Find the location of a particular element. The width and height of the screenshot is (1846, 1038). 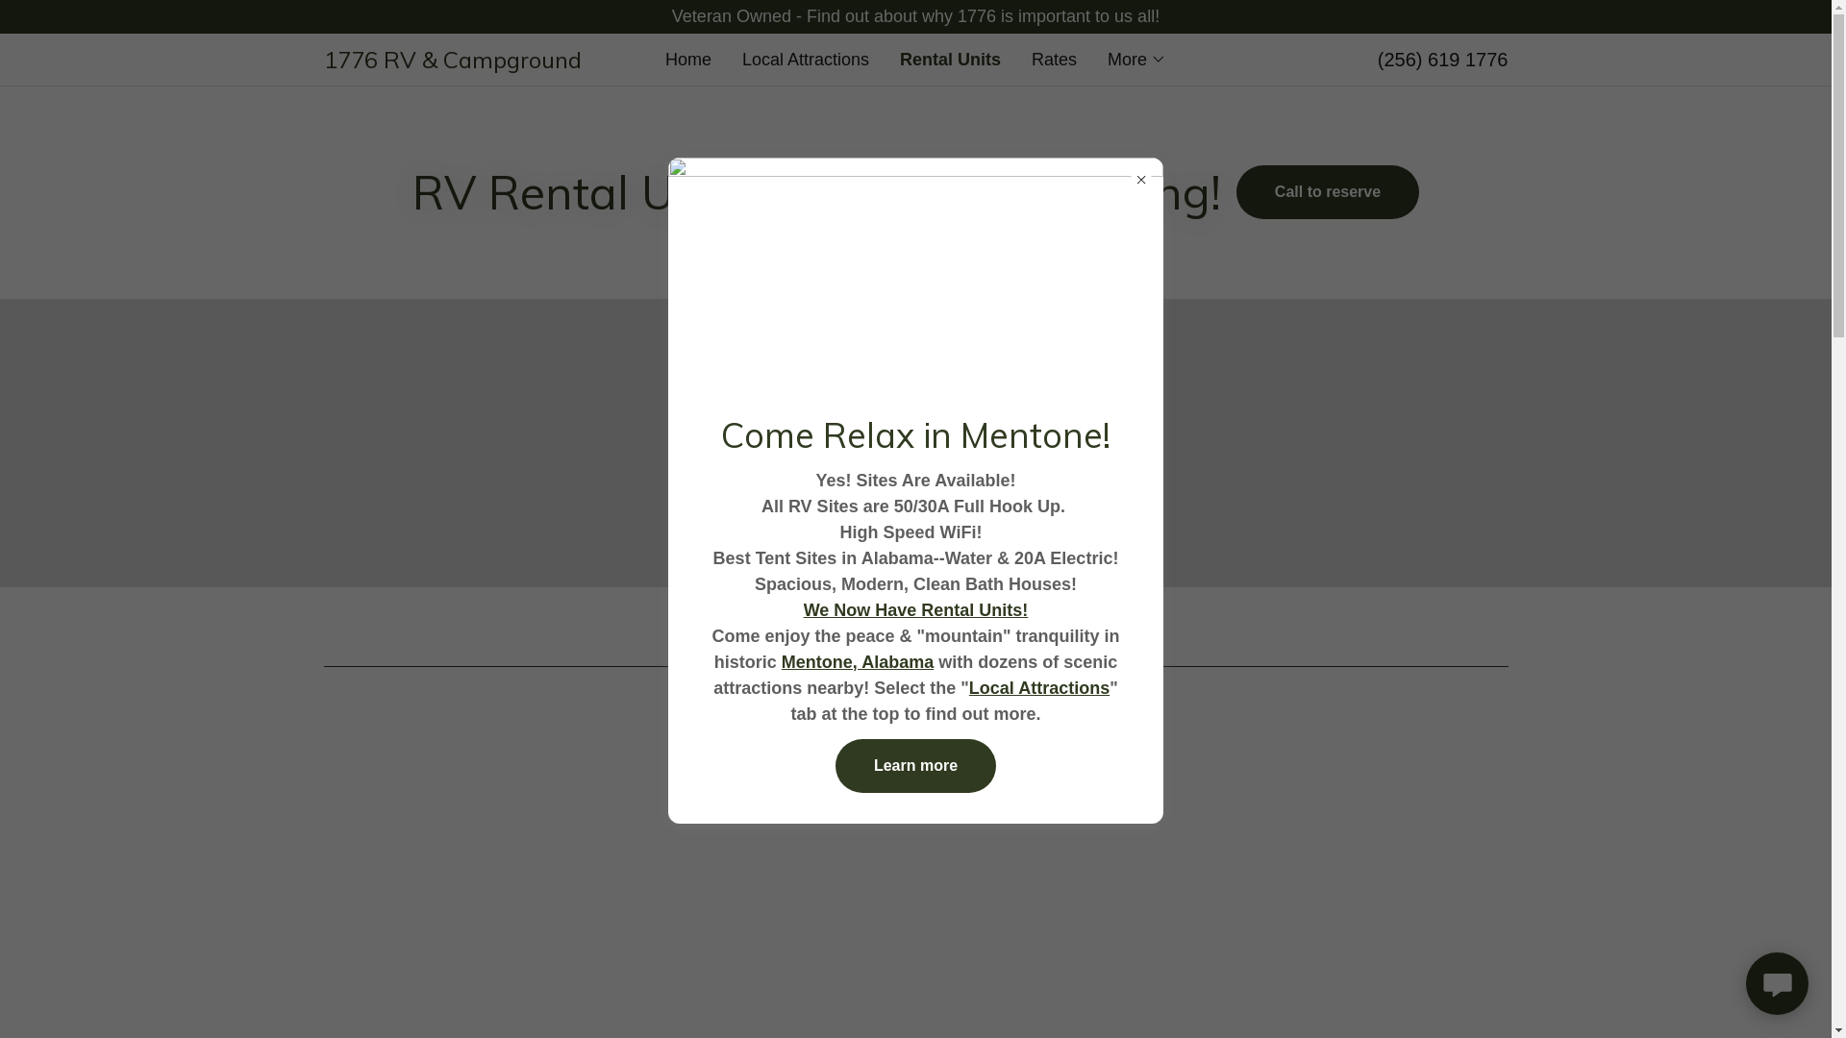

'Rates' is located at coordinates (1024, 58).